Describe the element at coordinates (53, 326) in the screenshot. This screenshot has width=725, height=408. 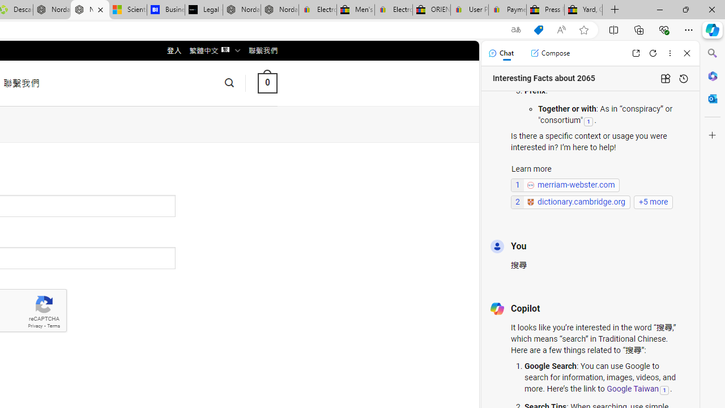
I see `'Terms'` at that location.